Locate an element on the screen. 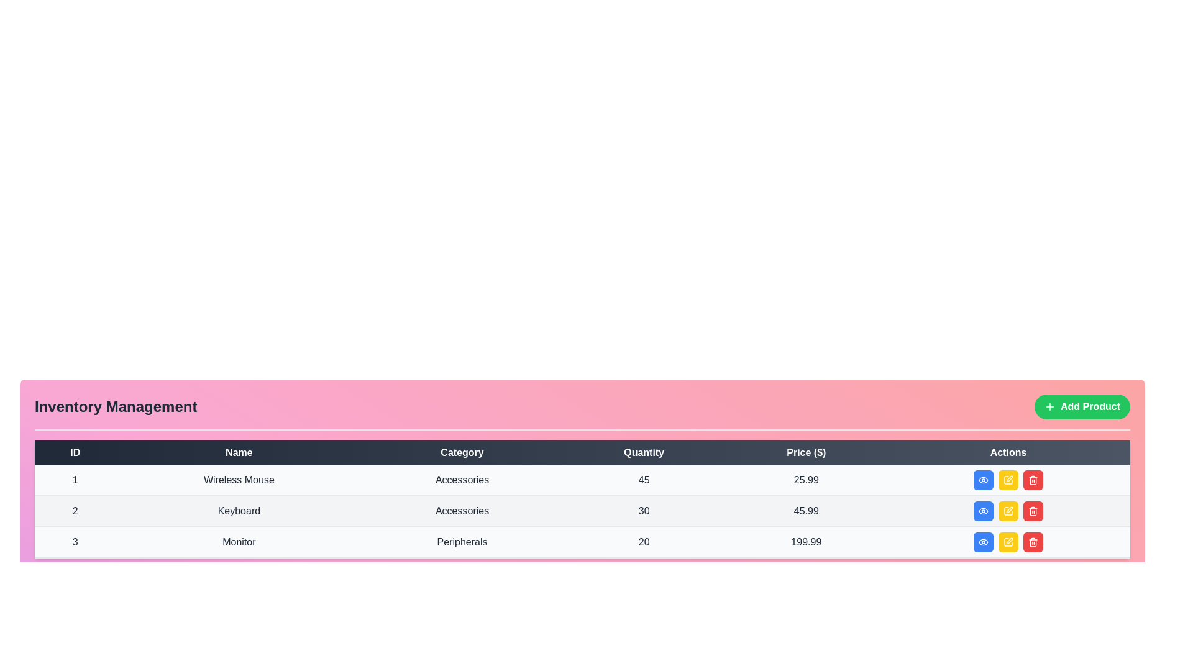  the static text label for the inventory item 'Keyboard' in the second row of the table, which serves as an identifier for the product is located at coordinates (239, 511).